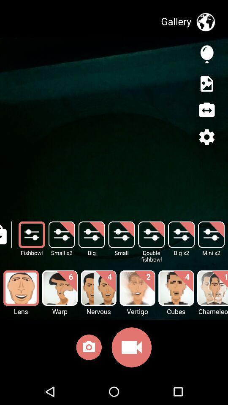 The height and width of the screenshot is (405, 228). I want to click on the image above the text called vertigo, so click(137, 288).